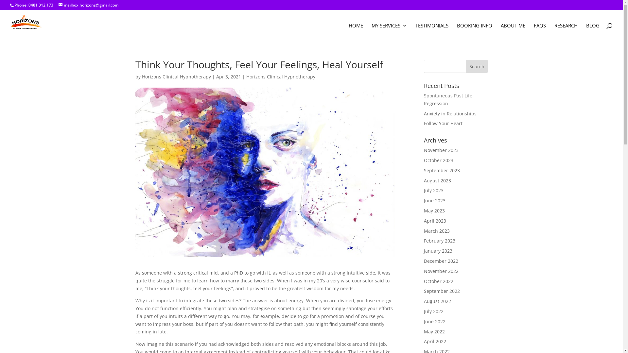  What do you see at coordinates (513, 32) in the screenshot?
I see `'ABOUT ME'` at bounding box center [513, 32].